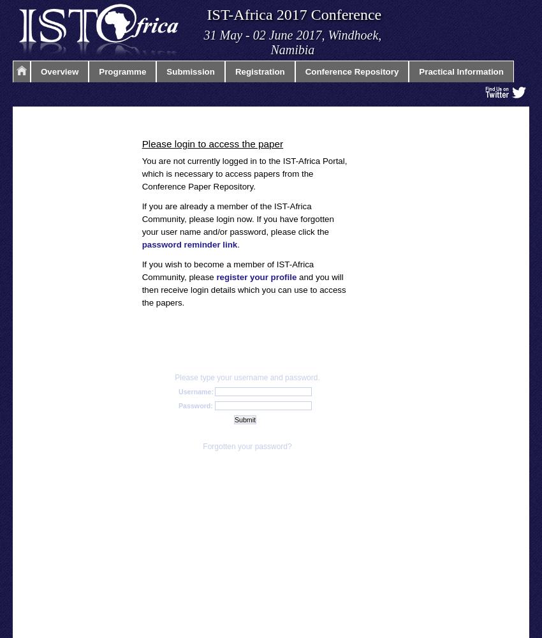  What do you see at coordinates (173, 312) in the screenshot?
I see `'IST-Africa 2006'` at bounding box center [173, 312].